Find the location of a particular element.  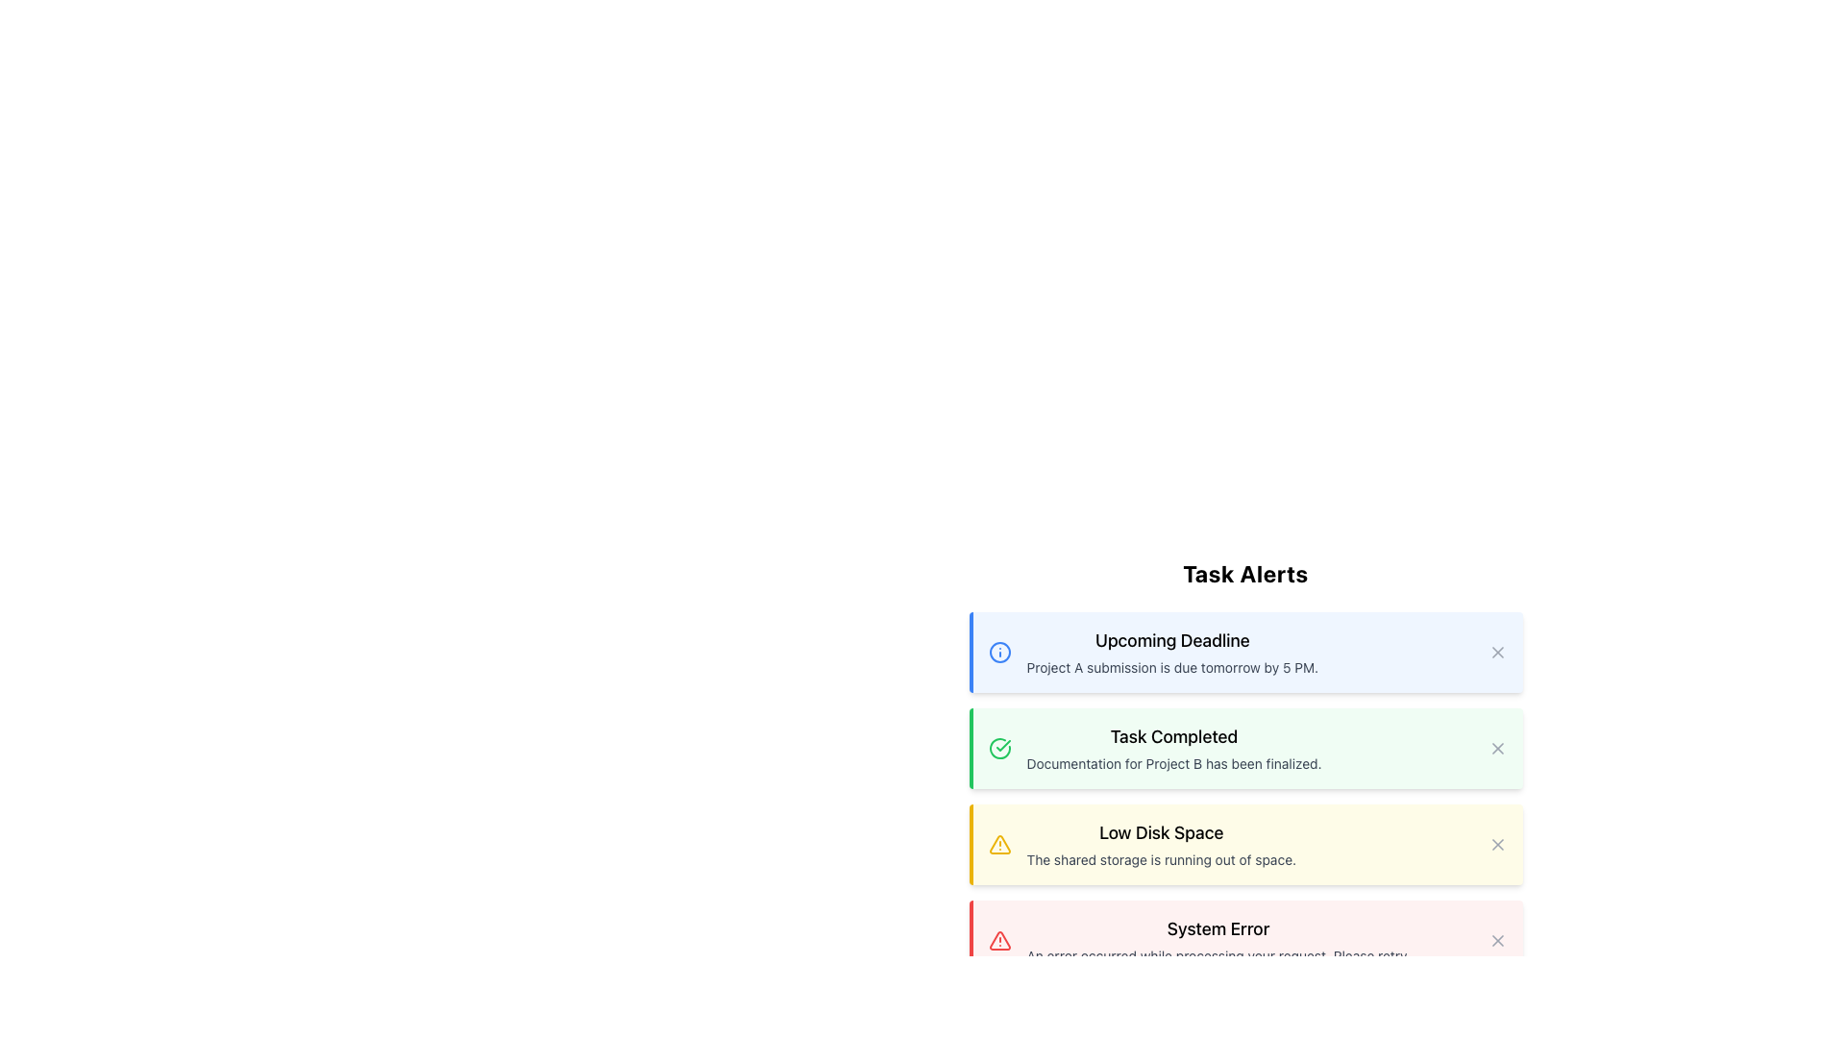

the checkmark icon indicating that the task titled 'Task Completed' with the description 'Documentation for Project B has been finalized.' has been completed. This icon is positioned as the leading element in the notification row is located at coordinates (999, 748).